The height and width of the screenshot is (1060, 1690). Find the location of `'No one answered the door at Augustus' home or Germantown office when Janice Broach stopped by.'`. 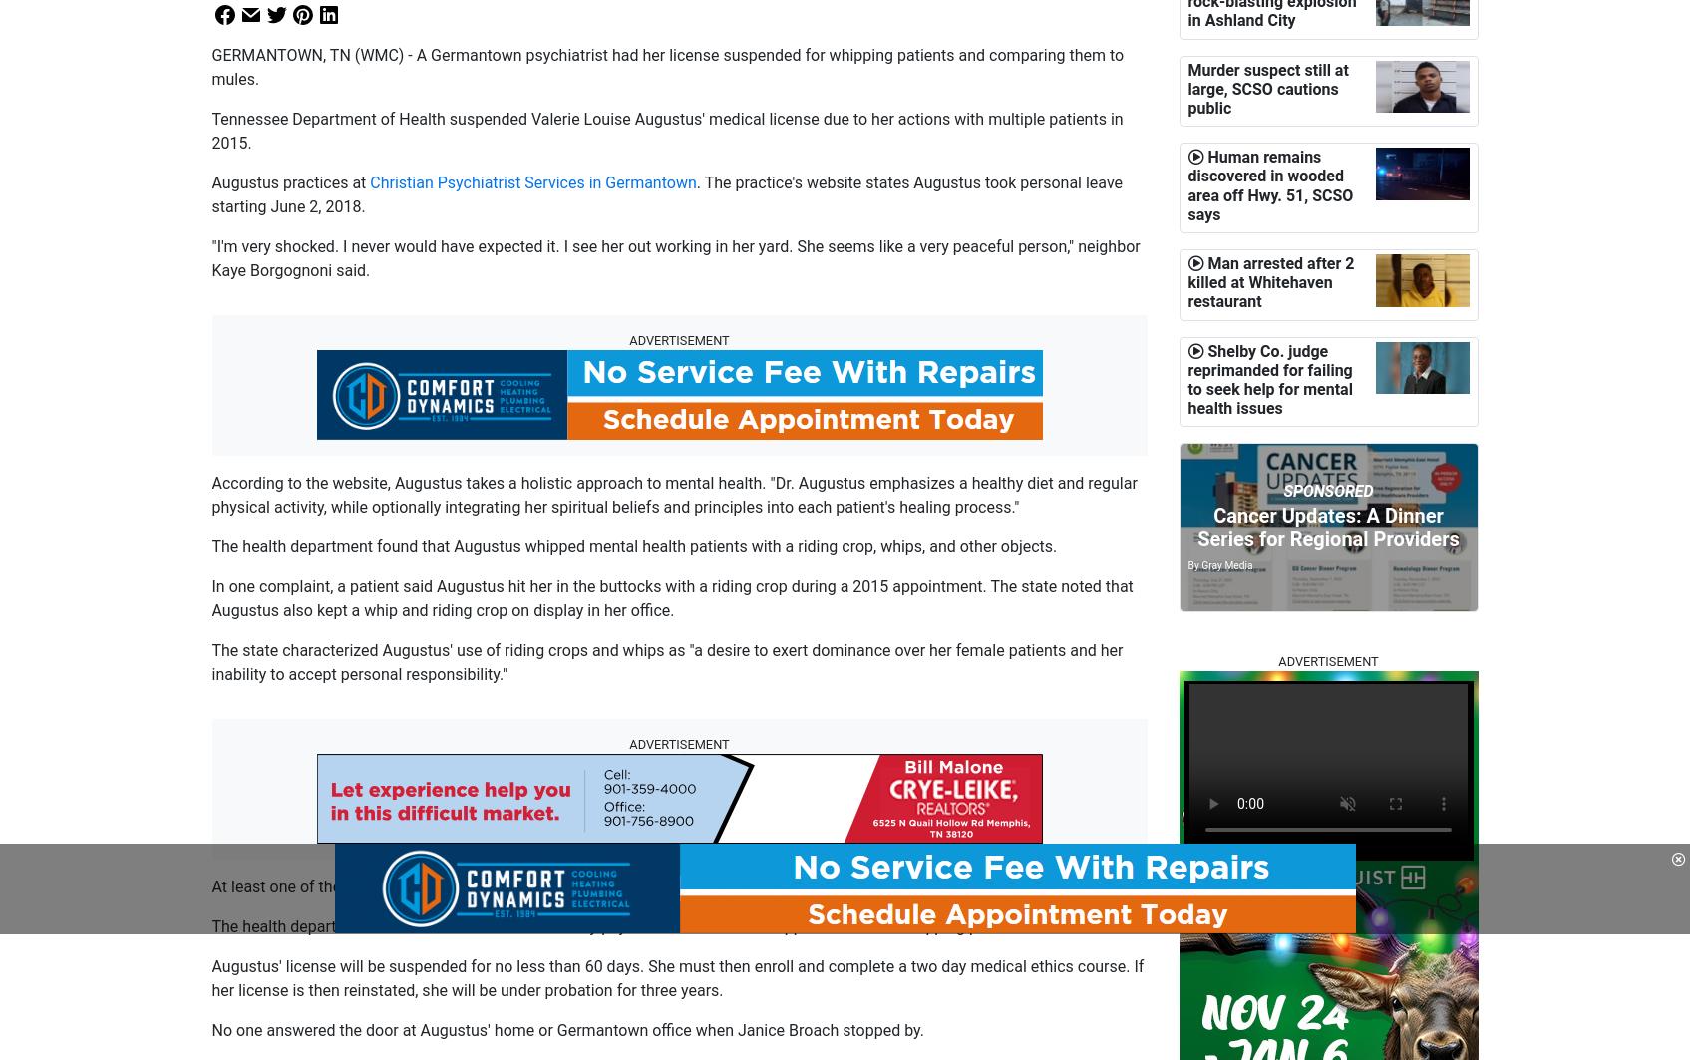

'No one answered the door at Augustus' home or Germantown office when Janice Broach stopped by.' is located at coordinates (567, 1029).